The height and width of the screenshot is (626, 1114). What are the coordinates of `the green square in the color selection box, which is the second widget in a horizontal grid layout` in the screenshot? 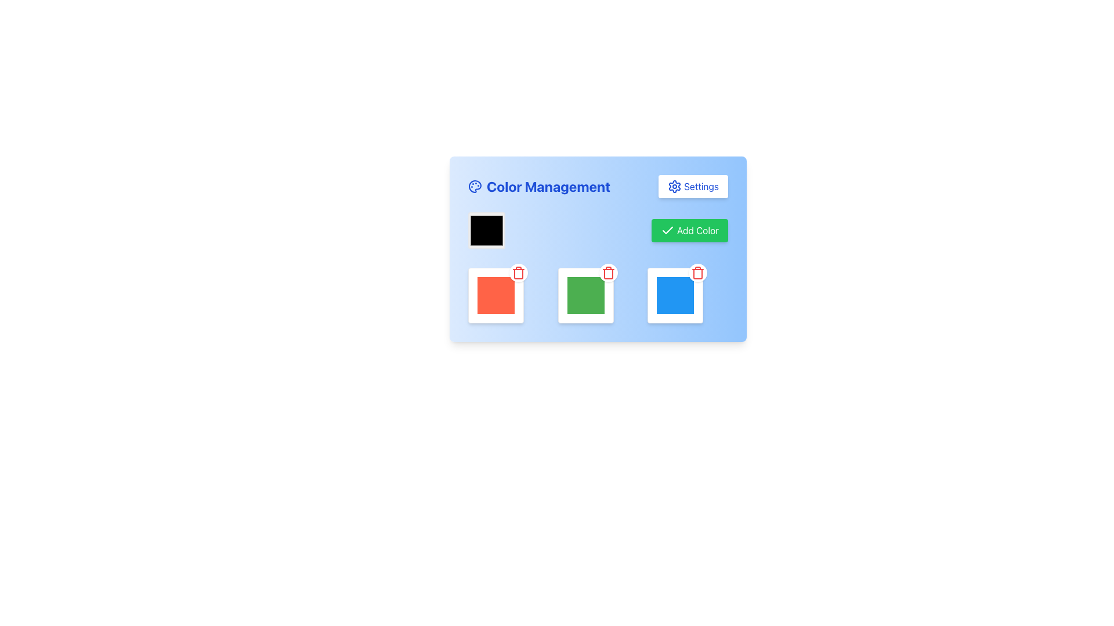 It's located at (585, 294).